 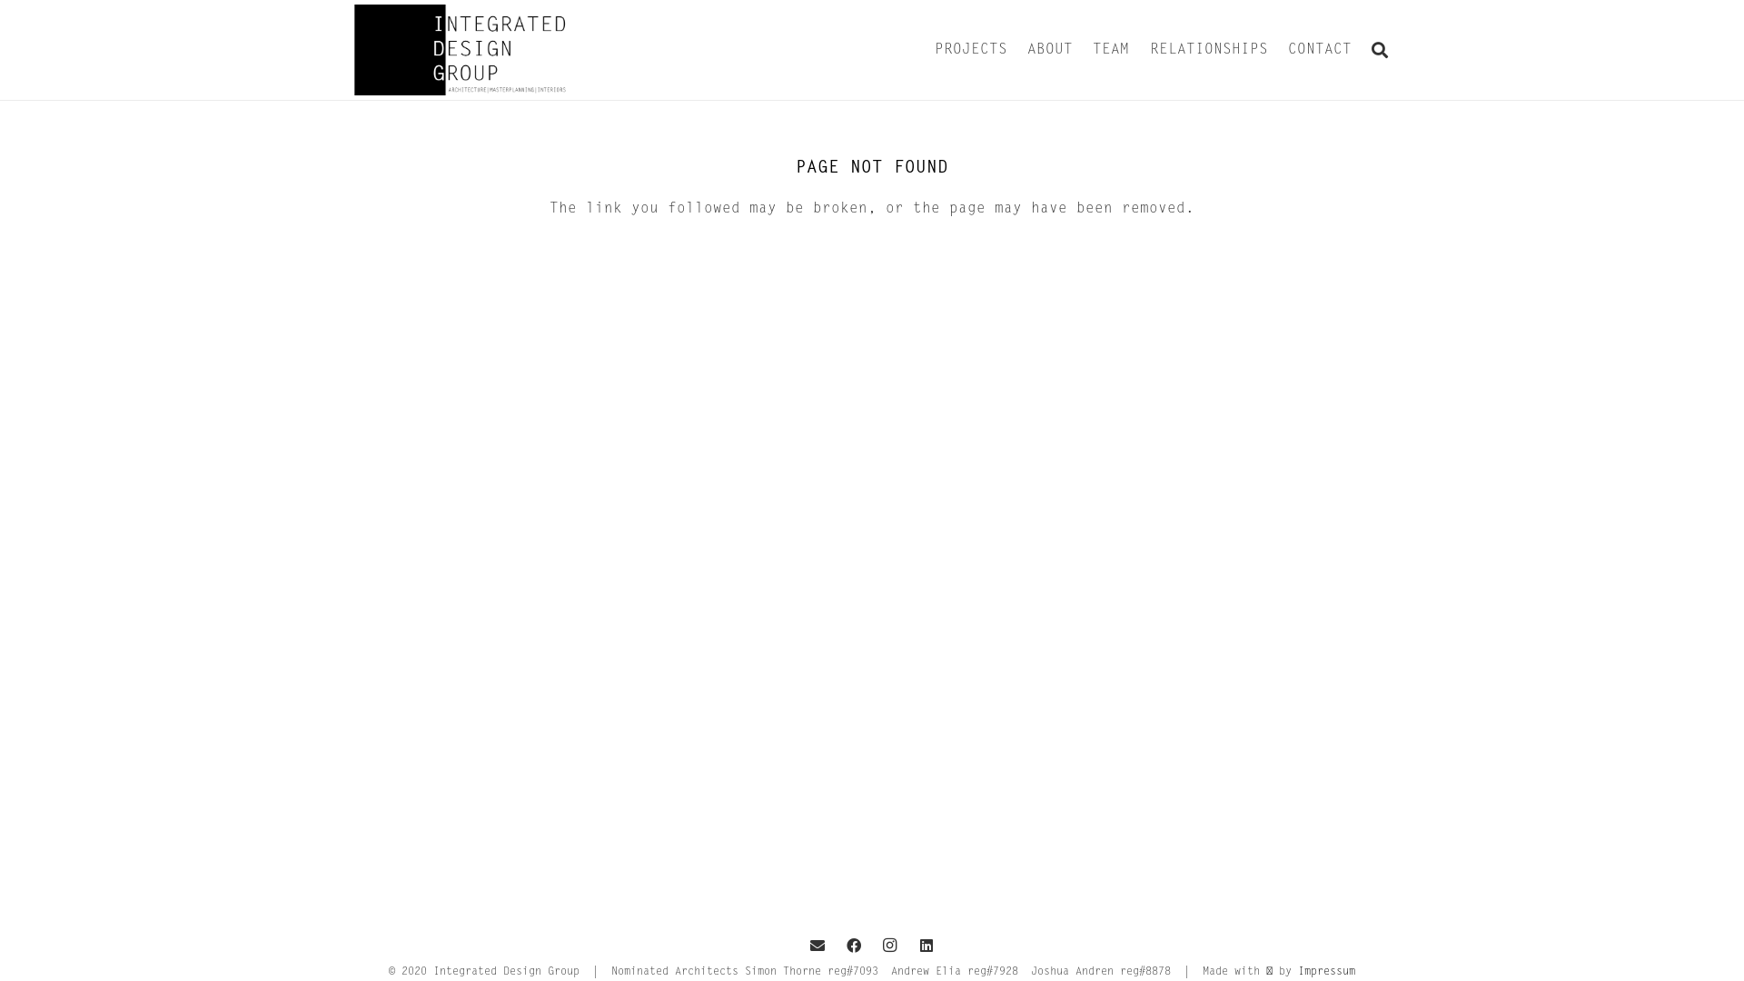 What do you see at coordinates (1276, 48) in the screenshot?
I see `'CONTACT'` at bounding box center [1276, 48].